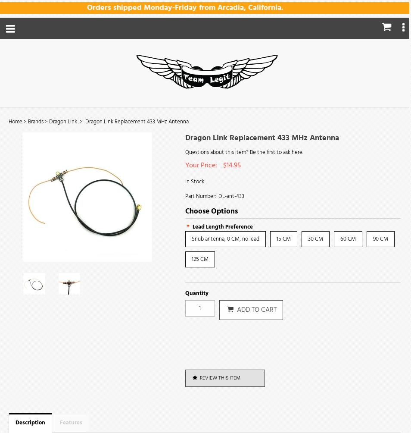 Image resolution: width=411 pixels, height=433 pixels. What do you see at coordinates (261, 138) in the screenshot?
I see `'Dragon Link Replacement 433 MHz Antenna'` at bounding box center [261, 138].